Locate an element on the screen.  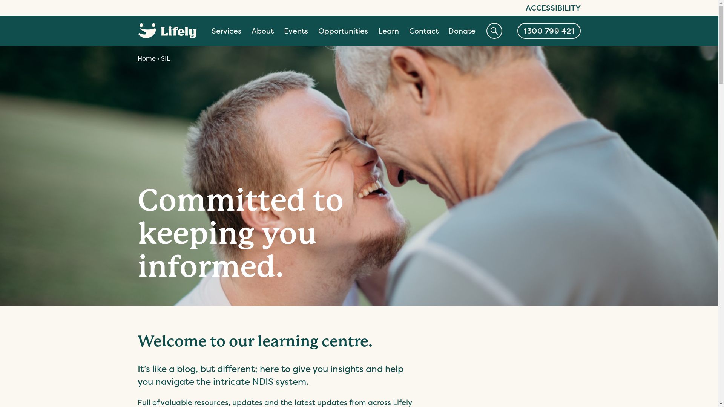
'1300 799 421' is located at coordinates (549, 30).